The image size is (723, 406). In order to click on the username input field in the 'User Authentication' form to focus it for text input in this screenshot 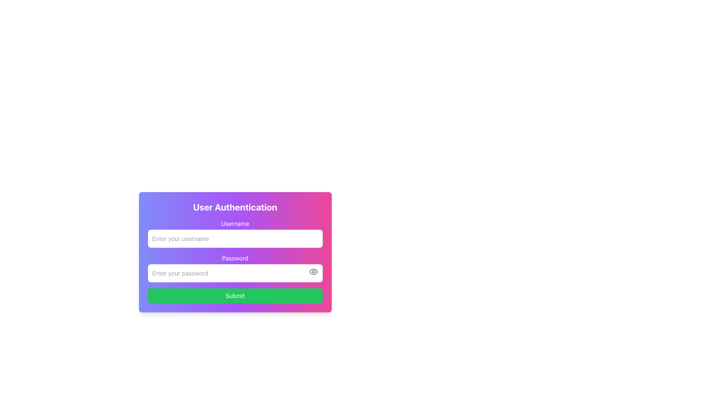, I will do `click(235, 233)`.